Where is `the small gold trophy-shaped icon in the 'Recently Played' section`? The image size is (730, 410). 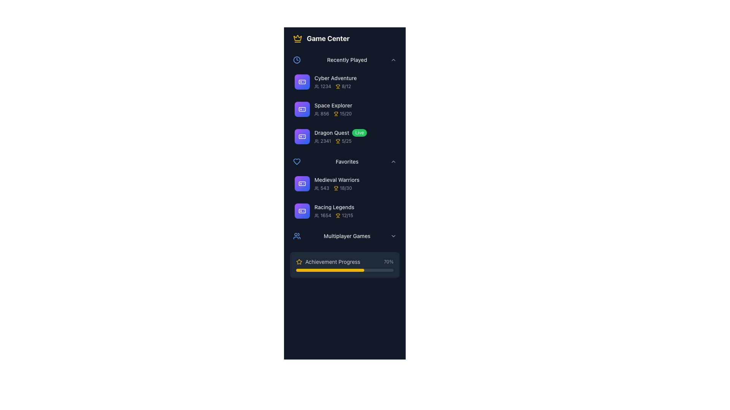 the small gold trophy-shaped icon in the 'Recently Played' section is located at coordinates (337, 141).